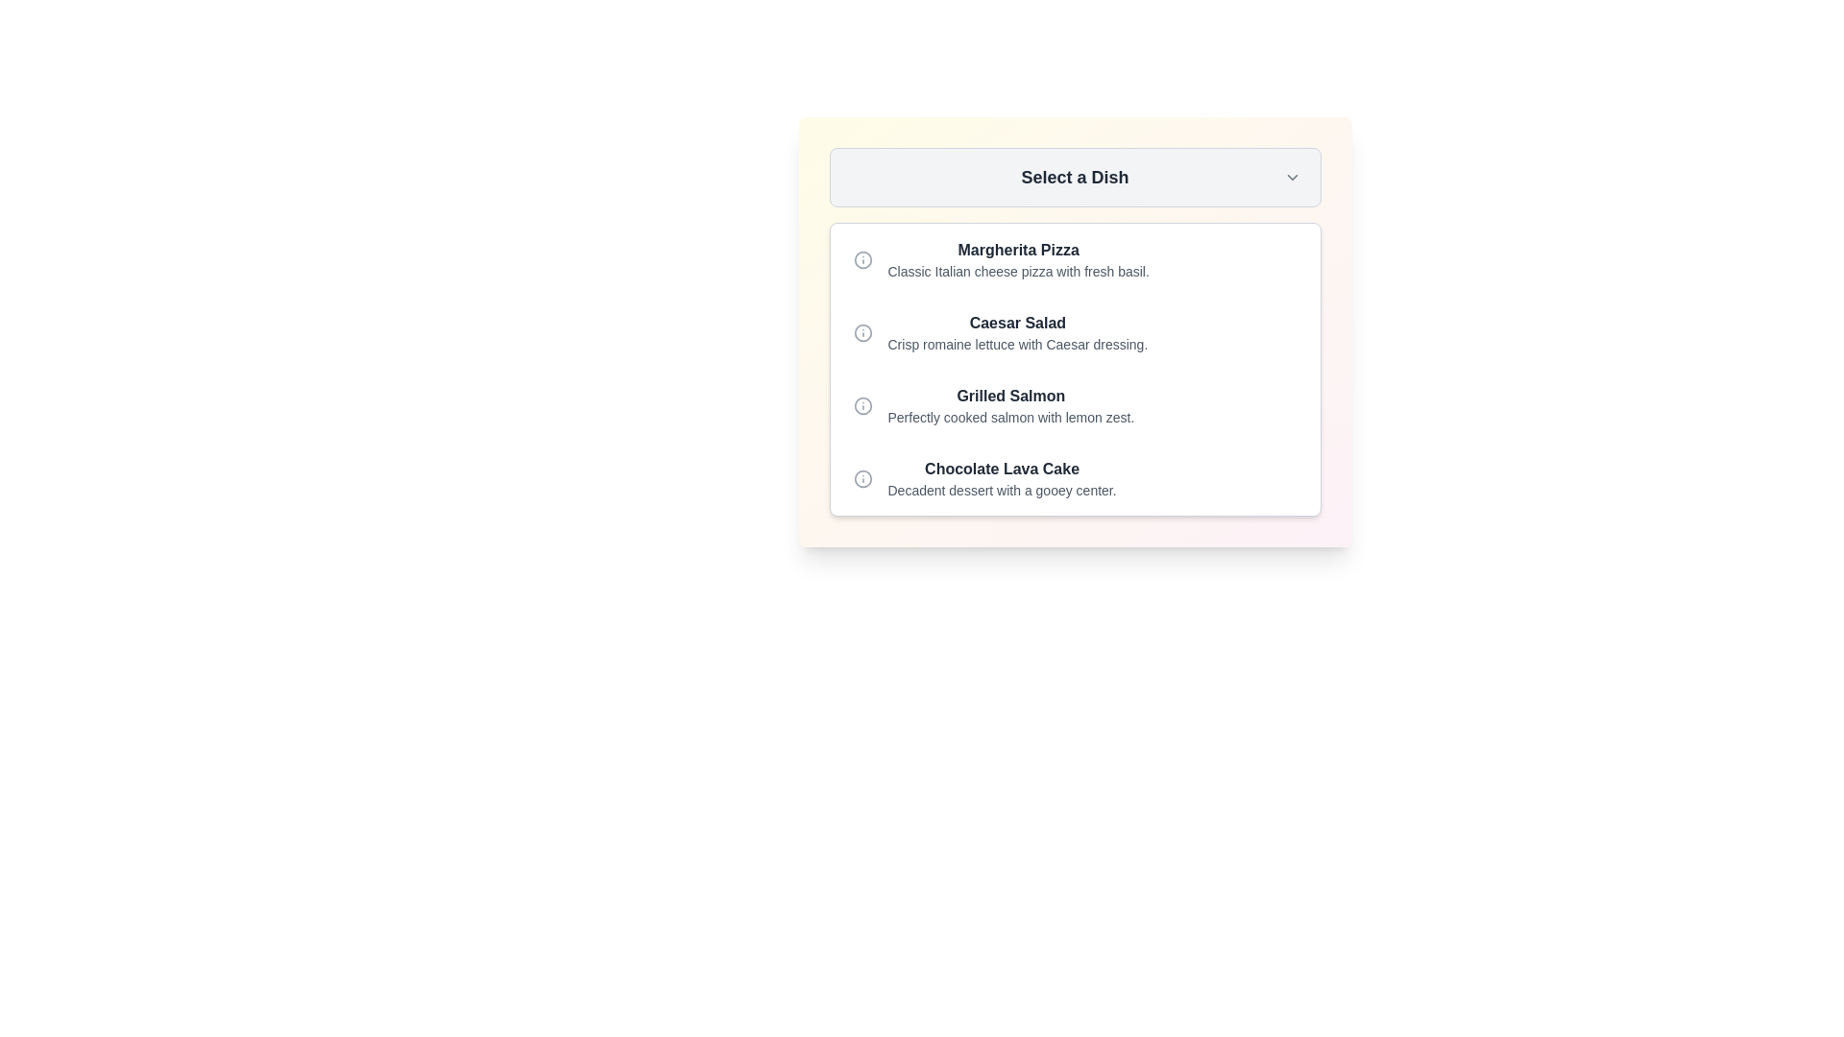 This screenshot has width=1844, height=1037. Describe the element at coordinates (1074, 477) in the screenshot. I see `the 'Chocolate Lava Cake' list item in the 'Select a Dish' section` at that location.